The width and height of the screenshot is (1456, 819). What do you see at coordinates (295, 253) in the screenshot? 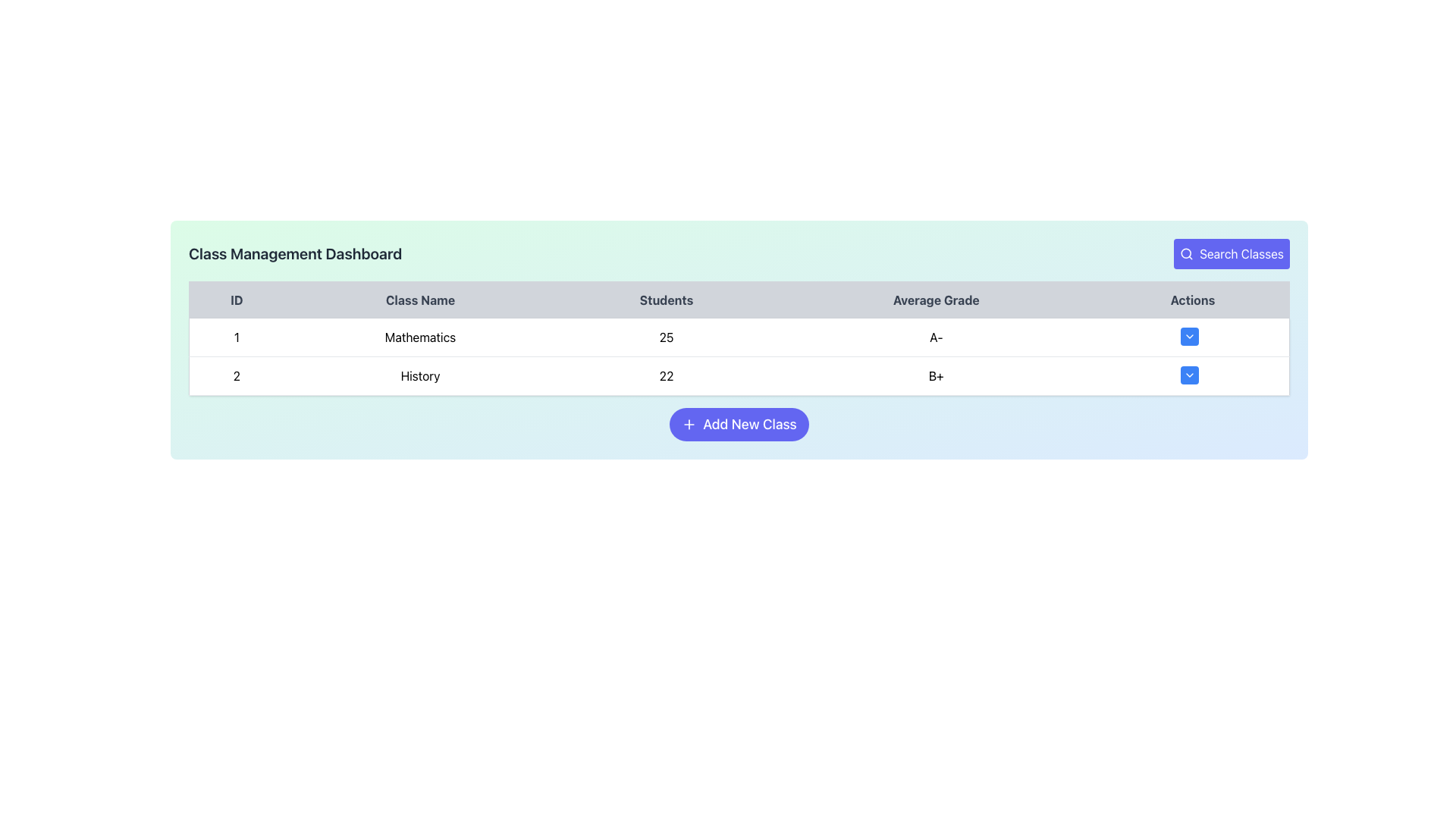
I see `title text located at the top-left portion of the interface, which indicates the purpose or name of the section` at bounding box center [295, 253].